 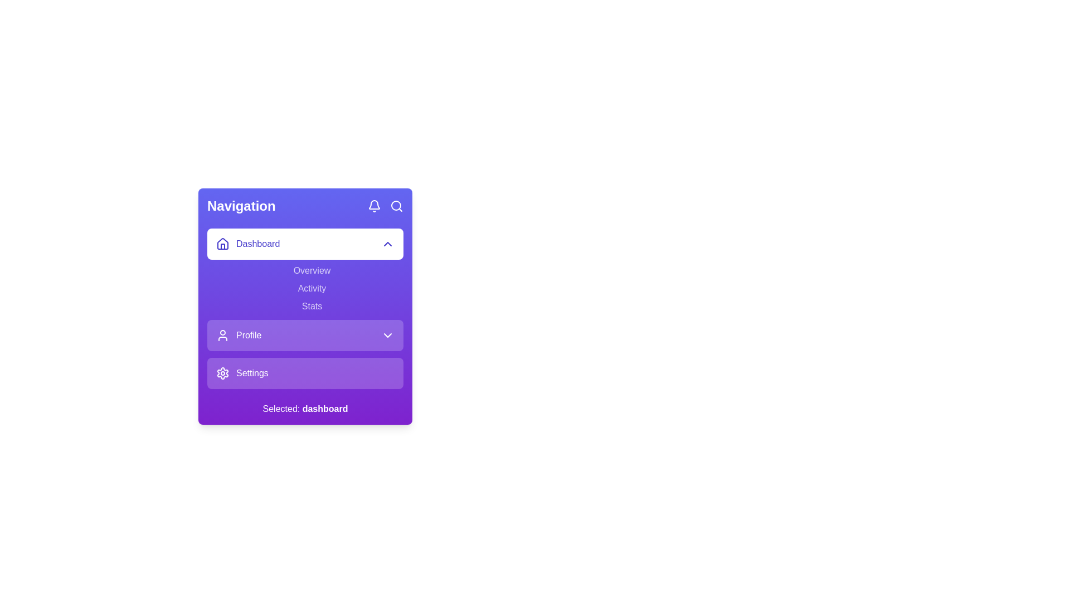 What do you see at coordinates (305, 271) in the screenshot?
I see `the dropdown menu items under the 'Dashboard' section` at bounding box center [305, 271].